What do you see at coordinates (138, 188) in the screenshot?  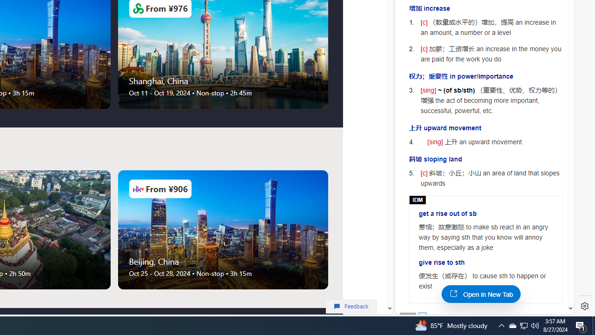 I see `'Airlines Logo'` at bounding box center [138, 188].